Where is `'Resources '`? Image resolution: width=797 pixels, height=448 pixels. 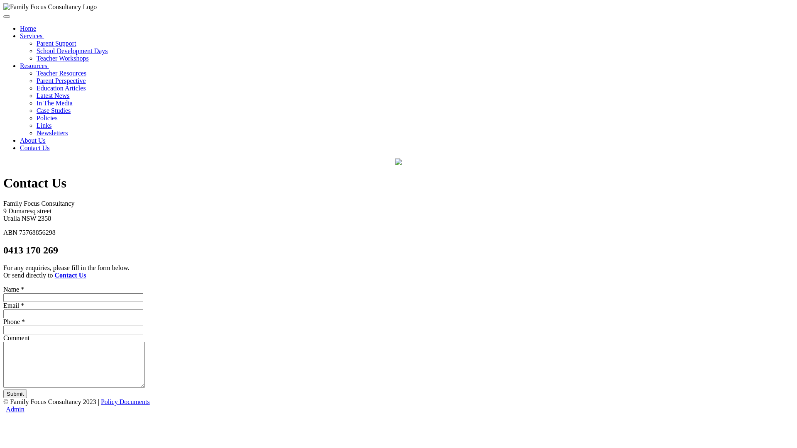 'Resources ' is located at coordinates (34, 65).